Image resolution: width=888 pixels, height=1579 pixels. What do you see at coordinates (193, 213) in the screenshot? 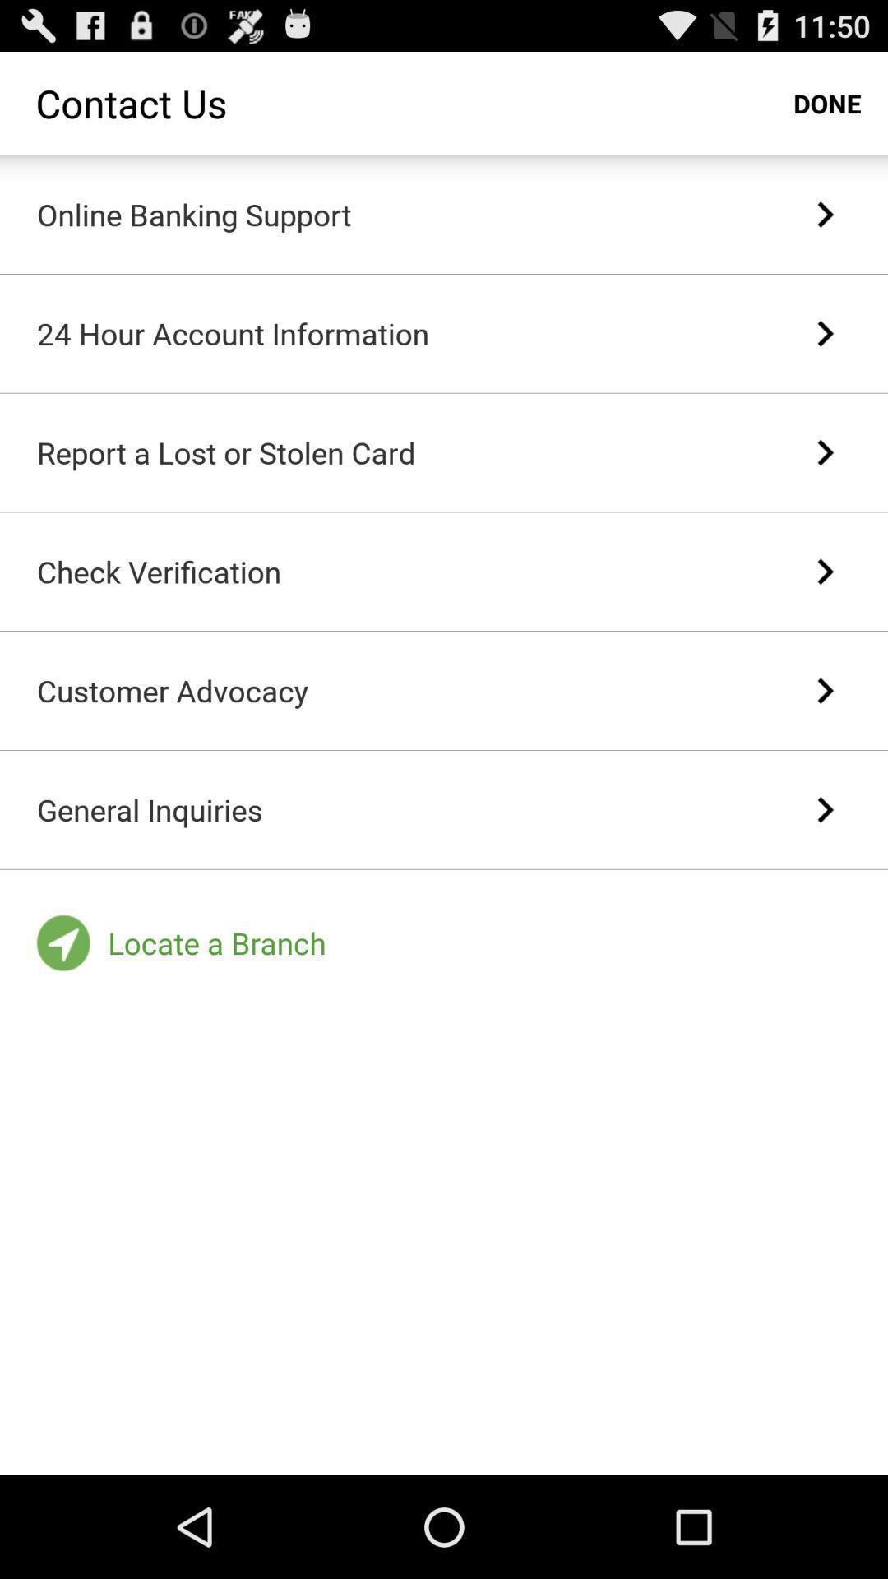
I see `icon below the contact us icon` at bounding box center [193, 213].